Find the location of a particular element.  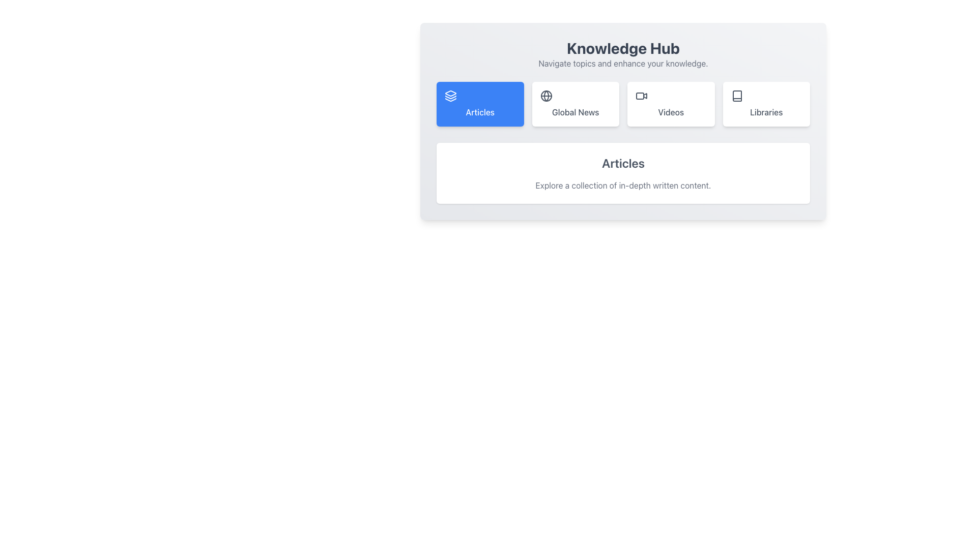

the book icon SVG element located in the top-right portion of the 'Knowledge Hub' panel, which is part of the button labeled 'Libraries' is located at coordinates (737, 96).